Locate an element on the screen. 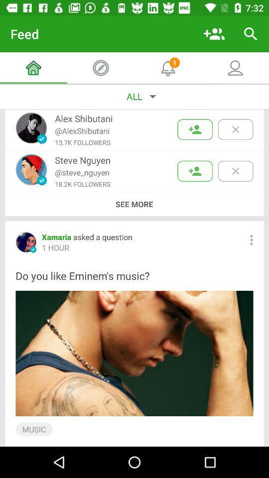  develop the menu for more options is located at coordinates (251, 239).